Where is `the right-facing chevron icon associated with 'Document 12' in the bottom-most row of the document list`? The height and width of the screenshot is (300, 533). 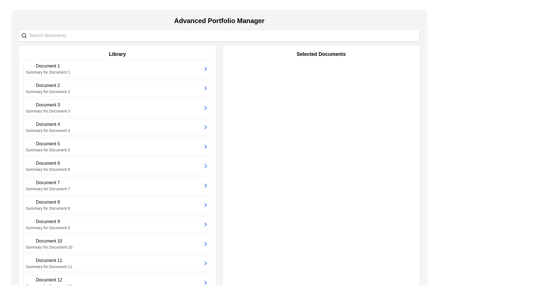
the right-facing chevron icon associated with 'Document 12' in the bottom-most row of the document list is located at coordinates (205, 283).